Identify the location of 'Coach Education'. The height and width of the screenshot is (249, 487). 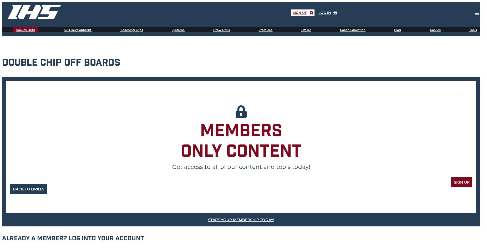
(353, 30).